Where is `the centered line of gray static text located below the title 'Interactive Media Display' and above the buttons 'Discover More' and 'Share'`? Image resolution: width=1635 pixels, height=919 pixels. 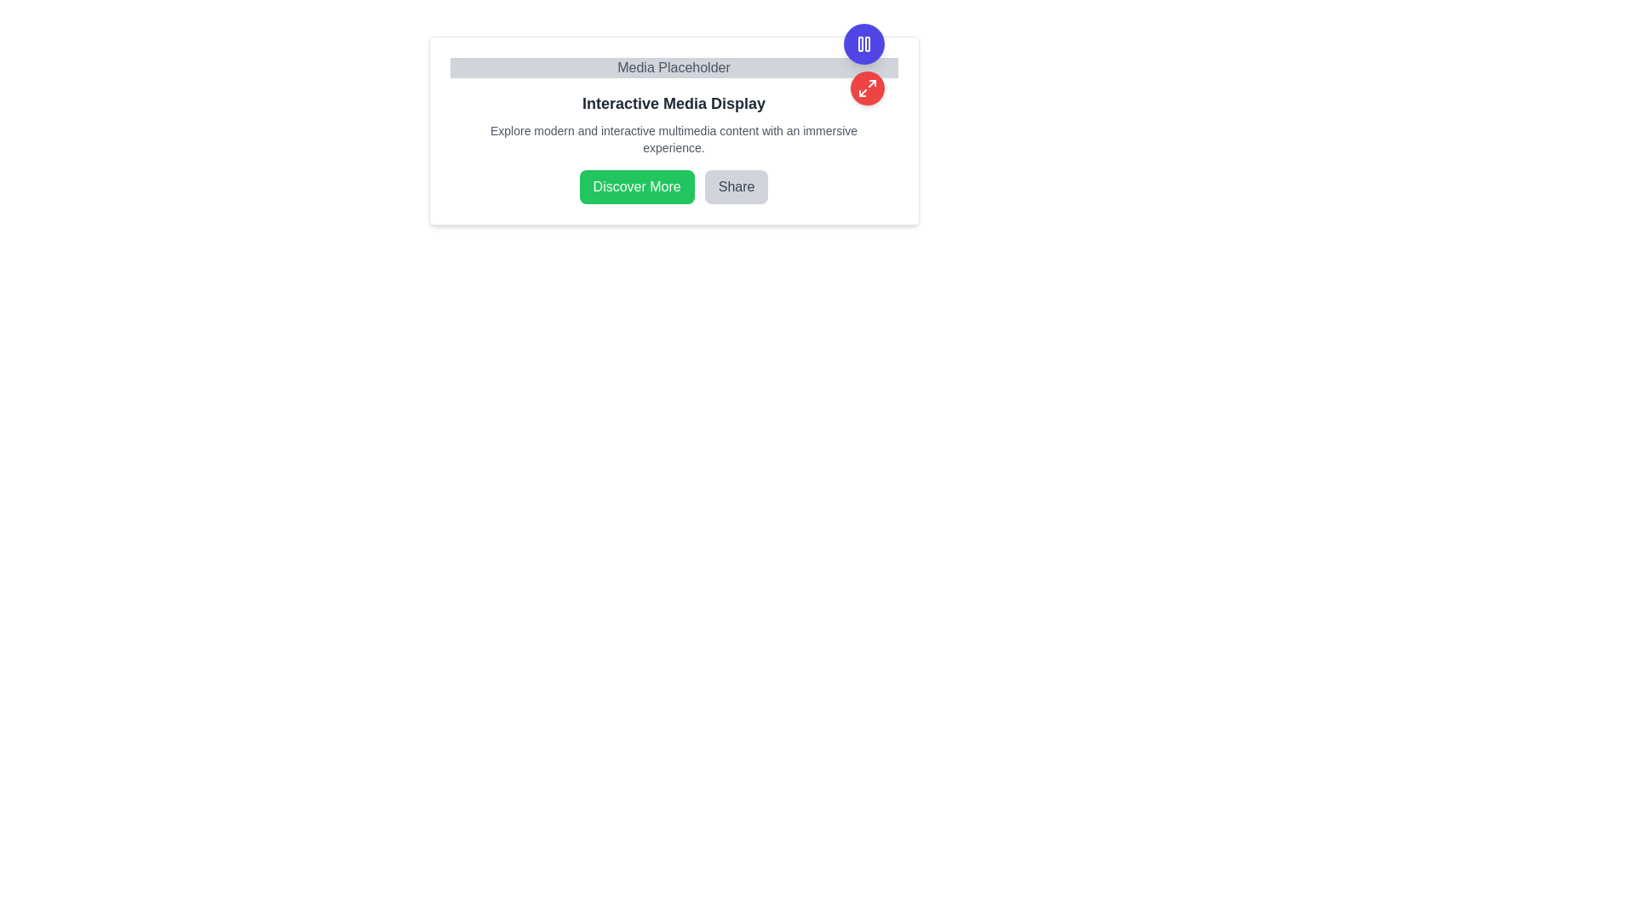
the centered line of gray static text located below the title 'Interactive Media Display' and above the buttons 'Discover More' and 'Share' is located at coordinates (673, 139).